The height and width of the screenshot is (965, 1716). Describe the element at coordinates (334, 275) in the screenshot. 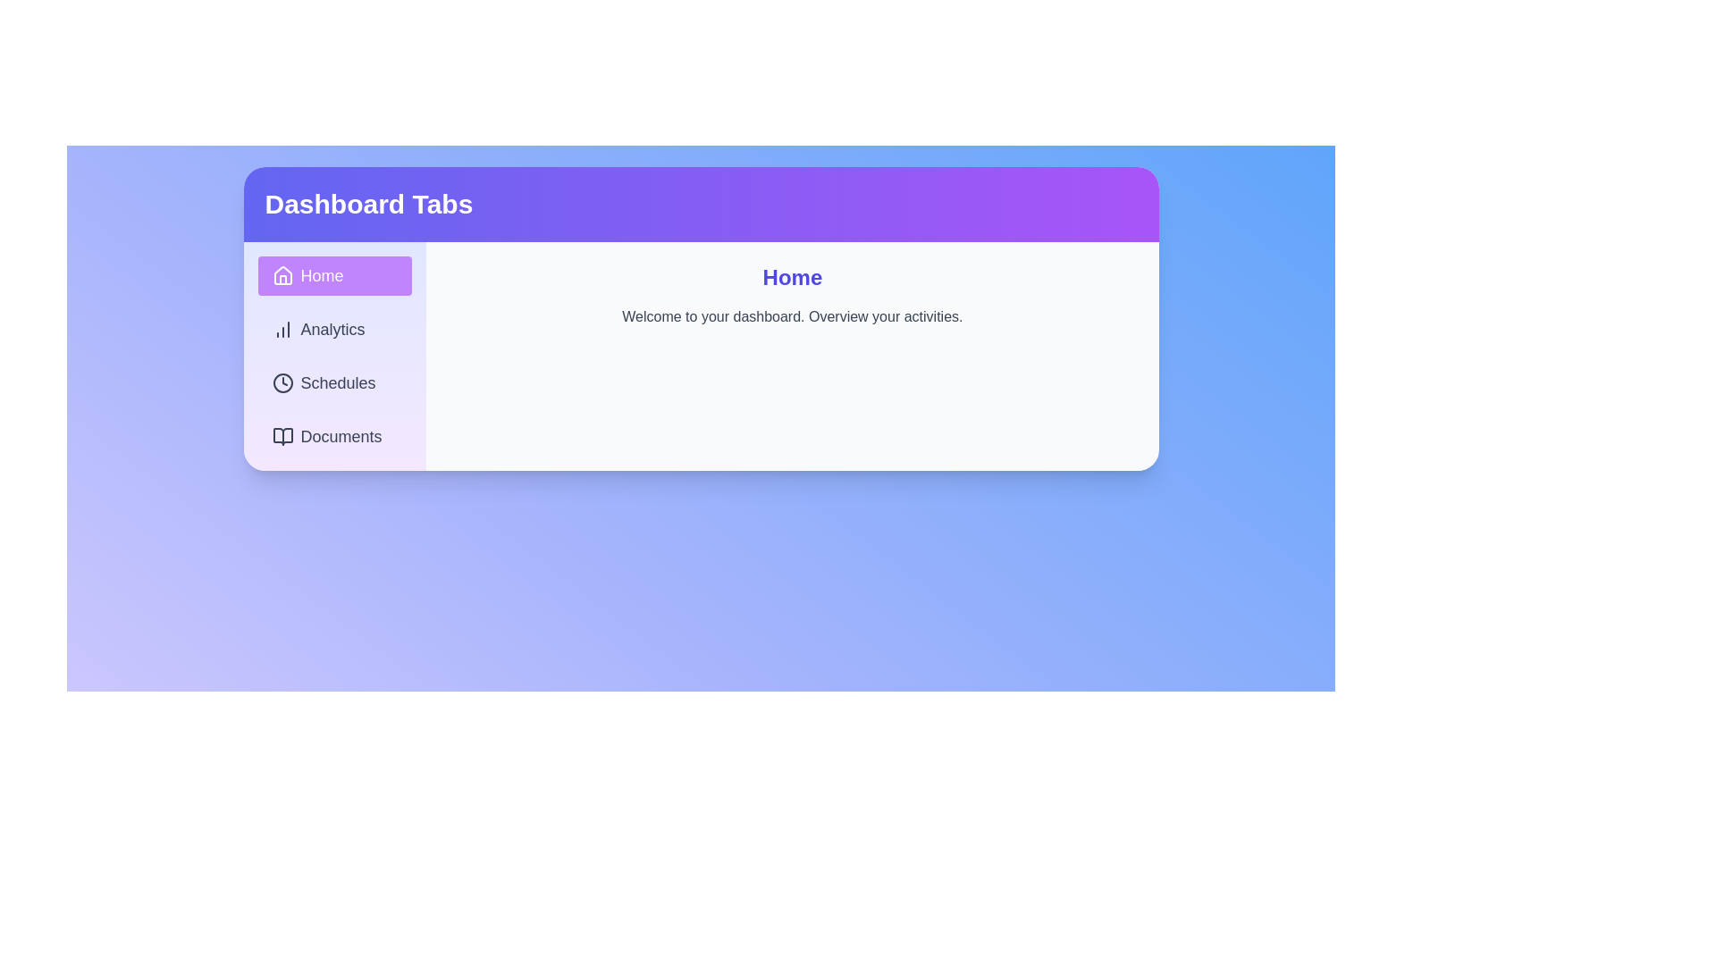

I see `the Home tab by clicking on it` at that location.